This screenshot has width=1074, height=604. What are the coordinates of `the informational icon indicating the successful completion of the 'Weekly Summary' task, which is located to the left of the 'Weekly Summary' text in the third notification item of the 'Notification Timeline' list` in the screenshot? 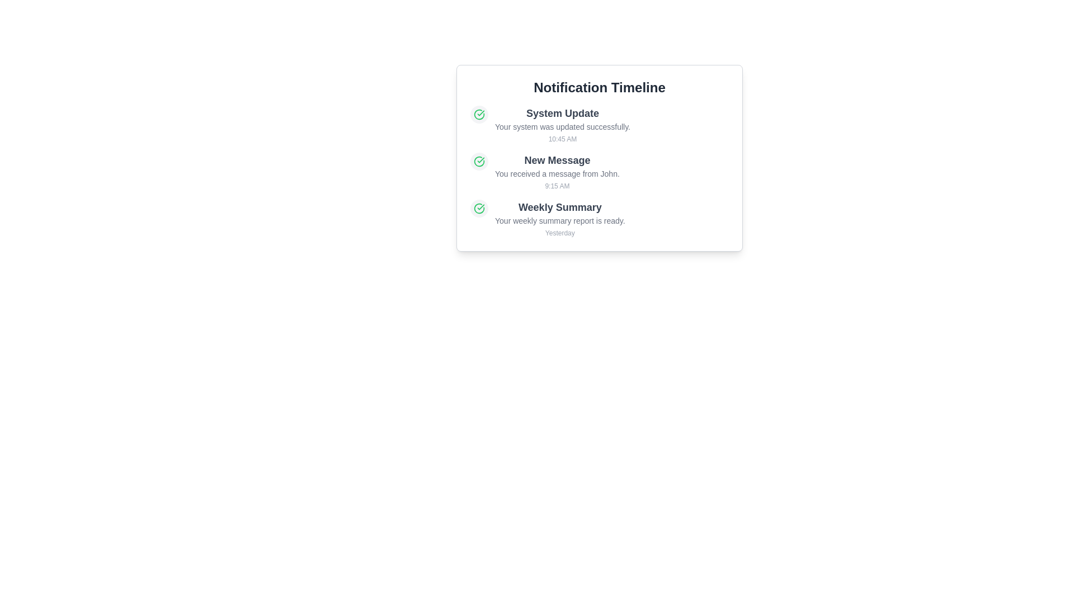 It's located at (479, 209).